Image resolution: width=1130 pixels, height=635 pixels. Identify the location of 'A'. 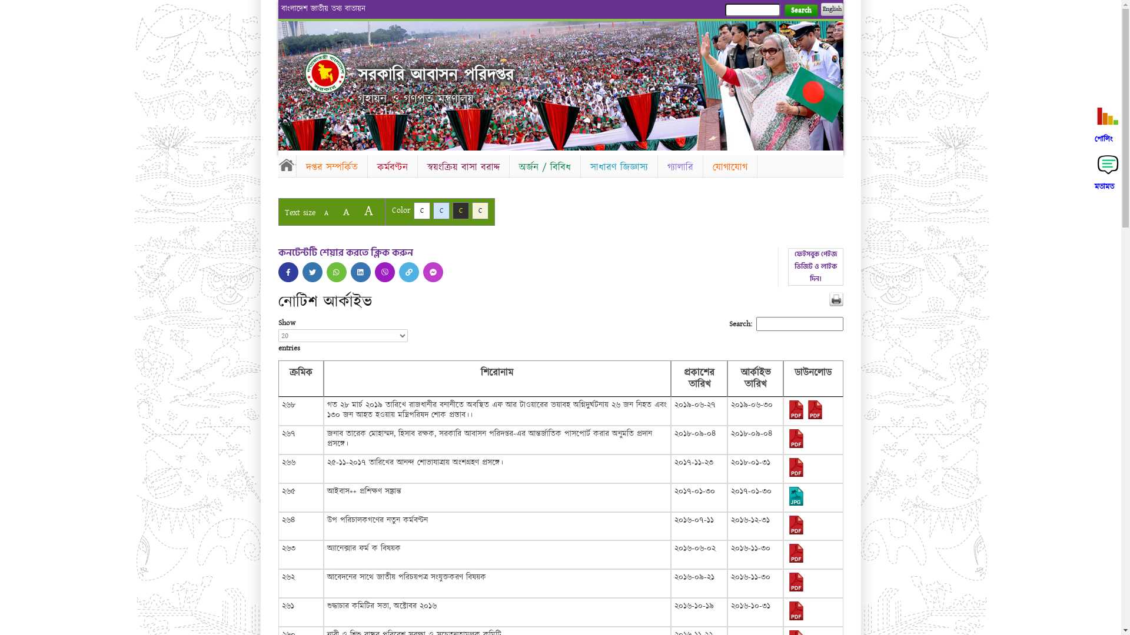
(367, 210).